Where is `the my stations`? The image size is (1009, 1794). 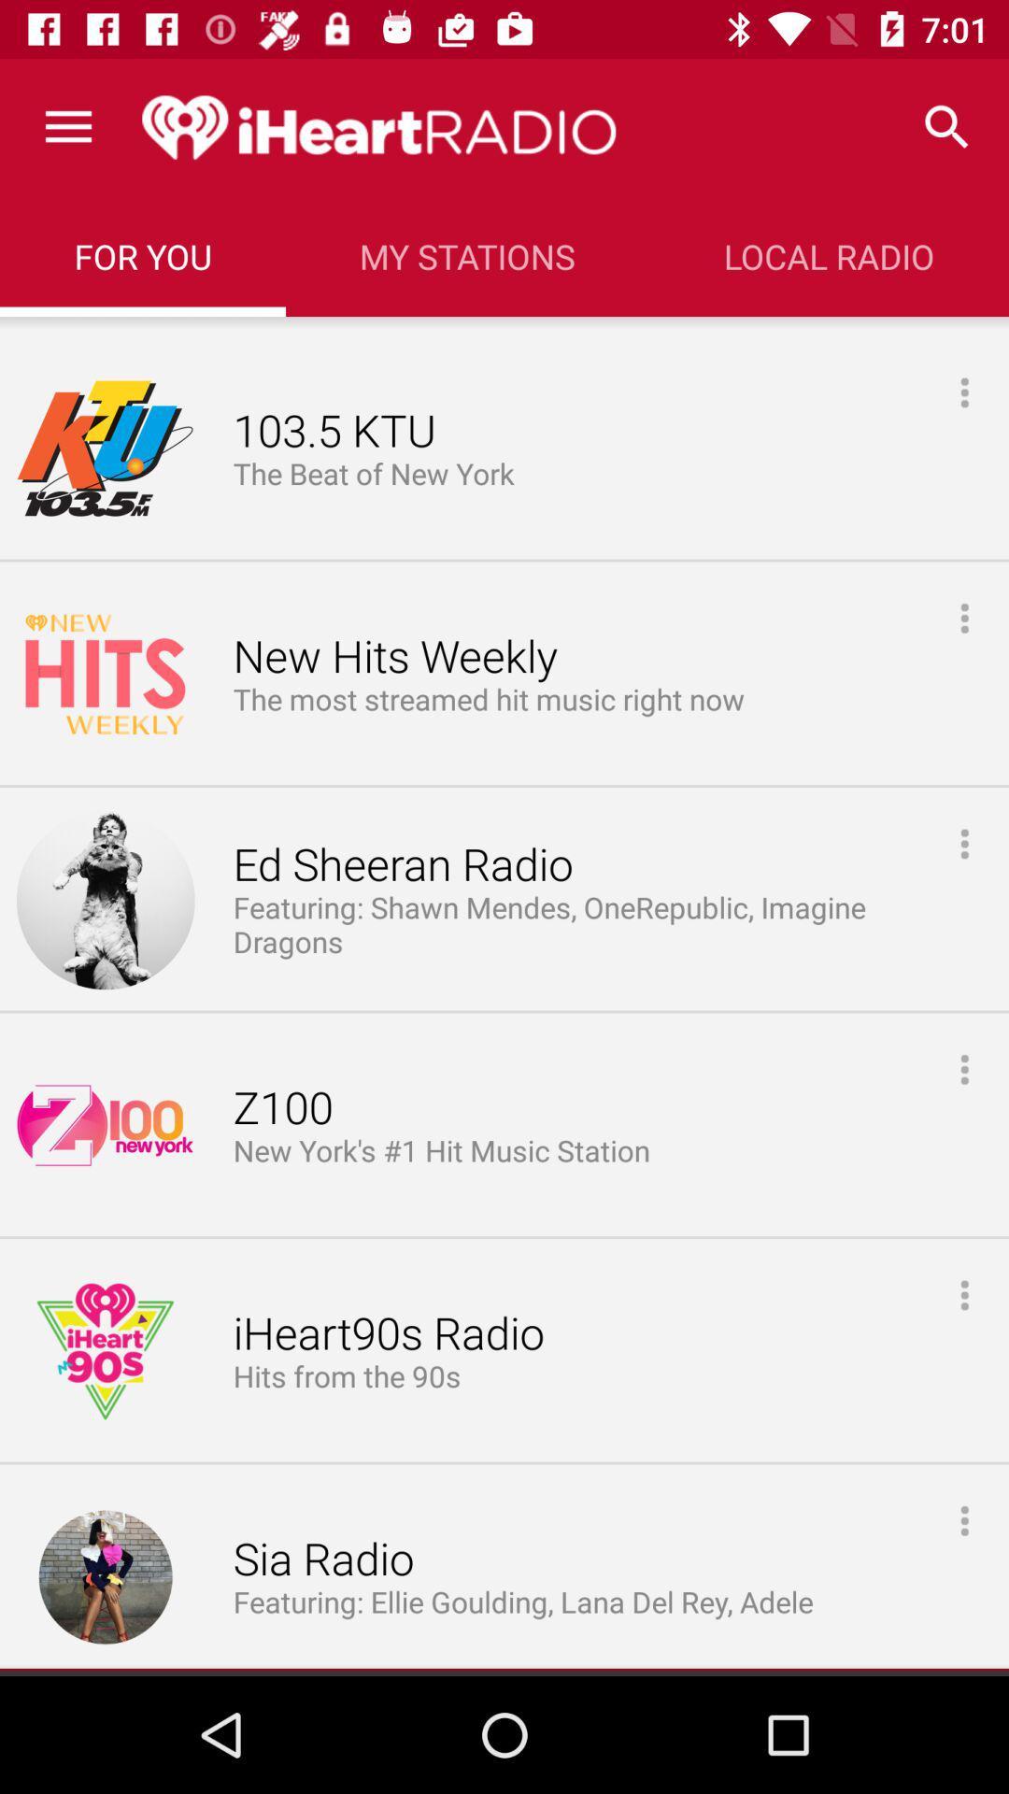 the my stations is located at coordinates (466, 255).